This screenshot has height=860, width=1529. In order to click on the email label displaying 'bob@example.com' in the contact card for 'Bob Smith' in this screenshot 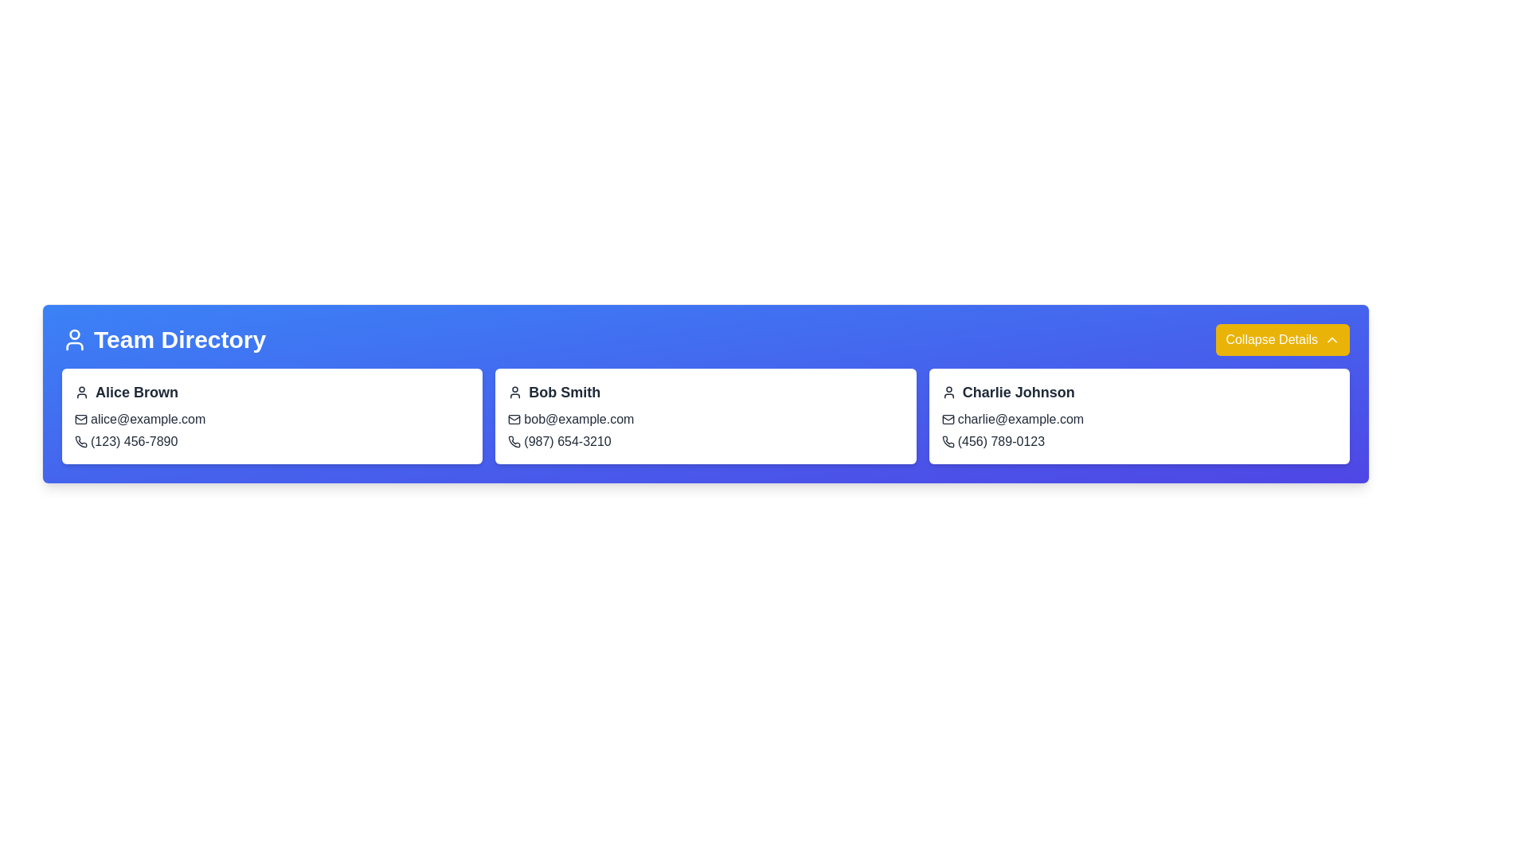, I will do `click(571, 419)`.